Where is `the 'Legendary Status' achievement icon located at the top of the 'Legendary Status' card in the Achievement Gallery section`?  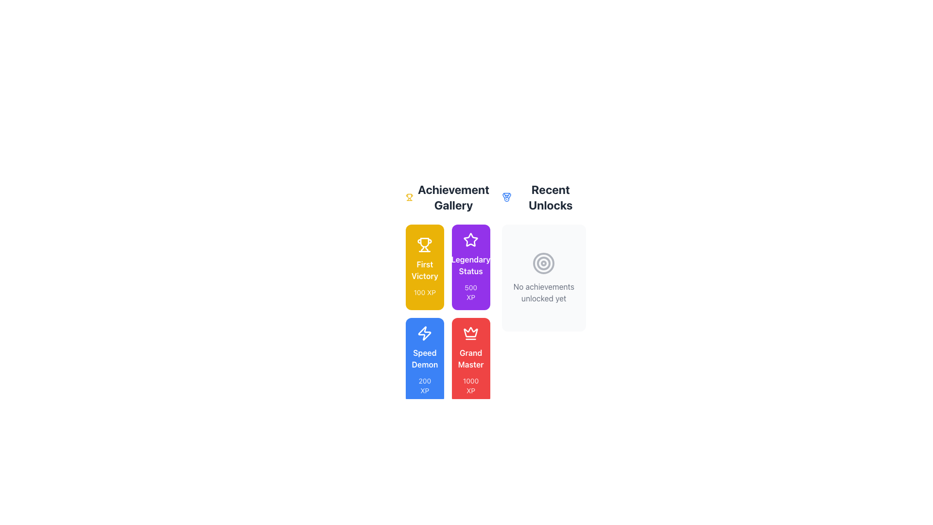
the 'Legendary Status' achievement icon located at the top of the 'Legendary Status' card in the Achievement Gallery section is located at coordinates (471, 240).